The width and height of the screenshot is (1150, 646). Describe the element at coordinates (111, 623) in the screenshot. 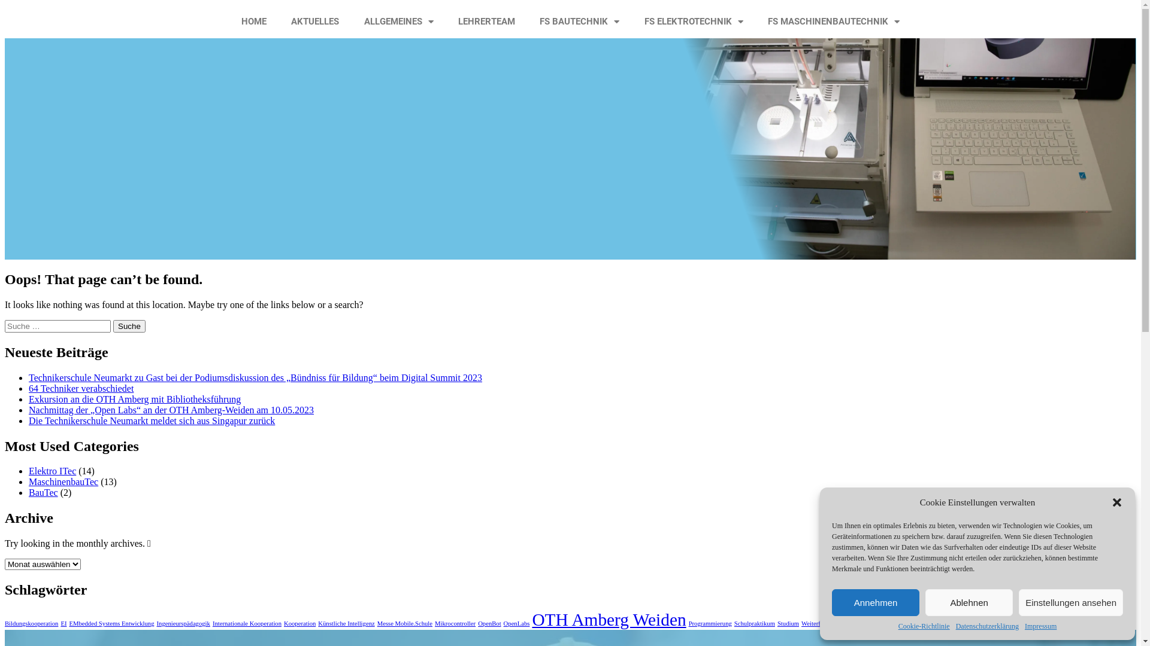

I see `'EMbedded Systems Entwicklung'` at that location.